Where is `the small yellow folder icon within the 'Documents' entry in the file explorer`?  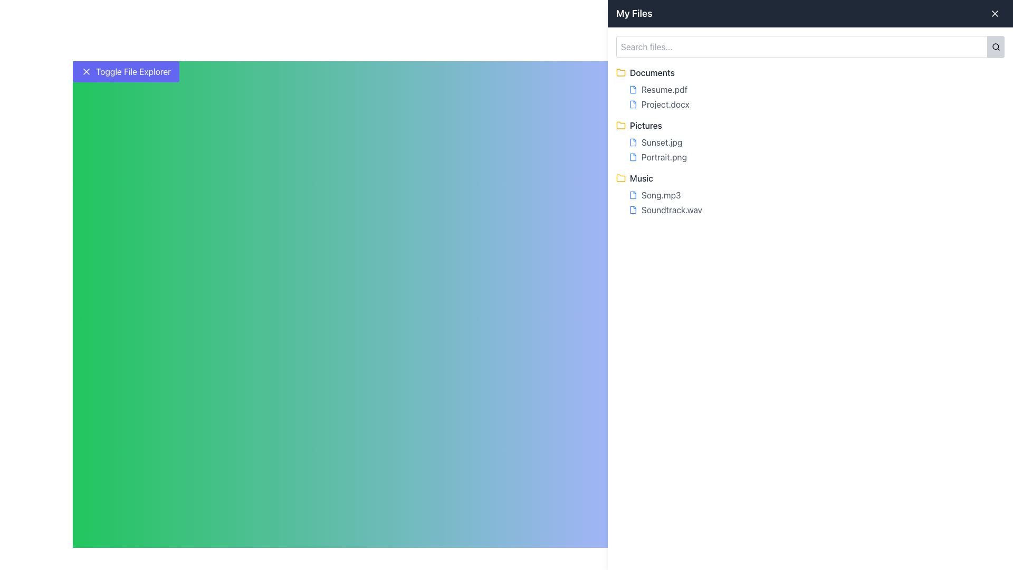
the small yellow folder icon within the 'Documents' entry in the file explorer is located at coordinates (620, 72).